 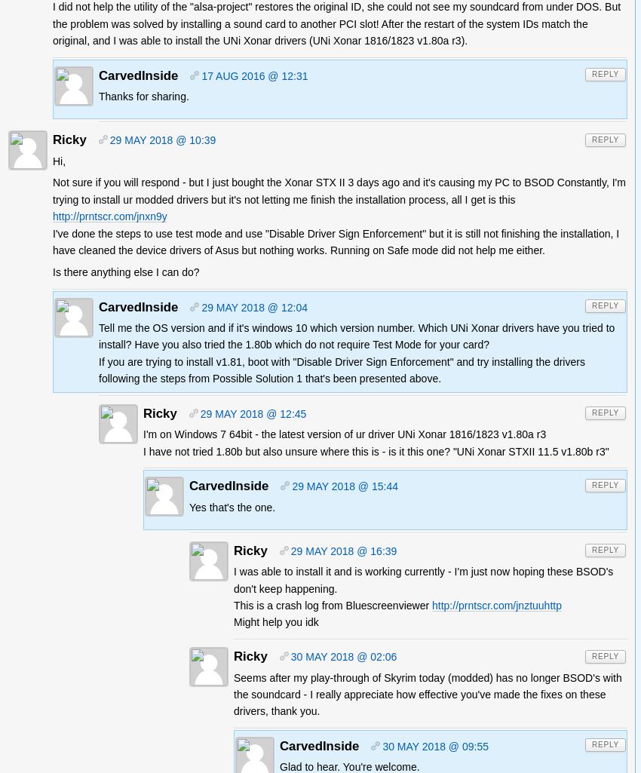 I want to click on 'Not sure if you will respond - but I just bought the Xonar STX II 3 days ago and it's causing my PC to BSOD Constantly, I'm trying to install ur modded drivers but it's not letting me finish the installation process, all I get is this', so click(x=338, y=189).